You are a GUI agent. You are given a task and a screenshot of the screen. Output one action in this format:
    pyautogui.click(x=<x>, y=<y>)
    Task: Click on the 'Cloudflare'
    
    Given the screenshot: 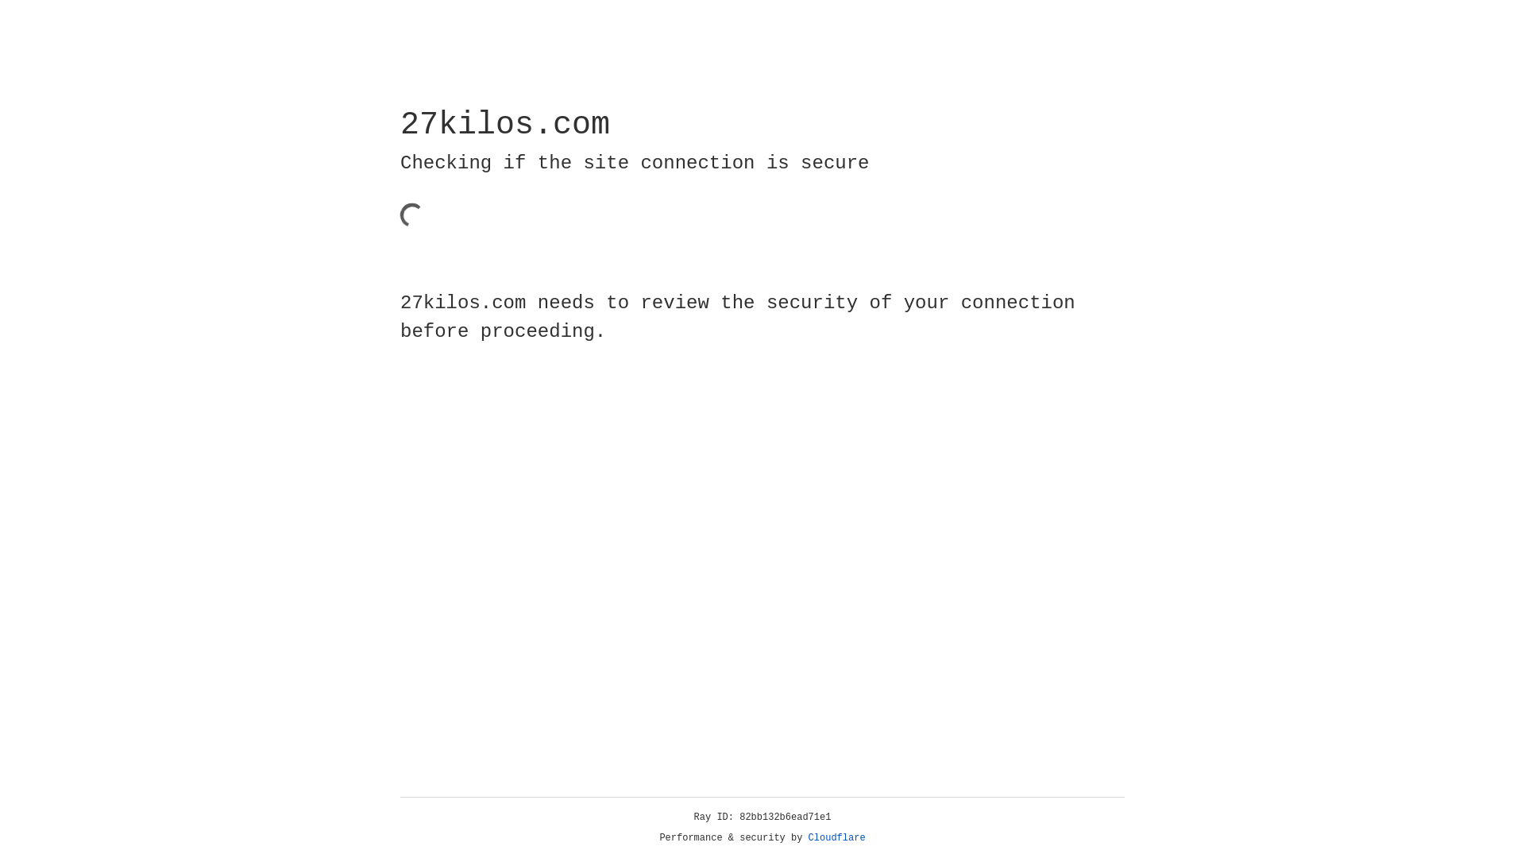 What is the action you would take?
    pyautogui.click(x=836, y=837)
    